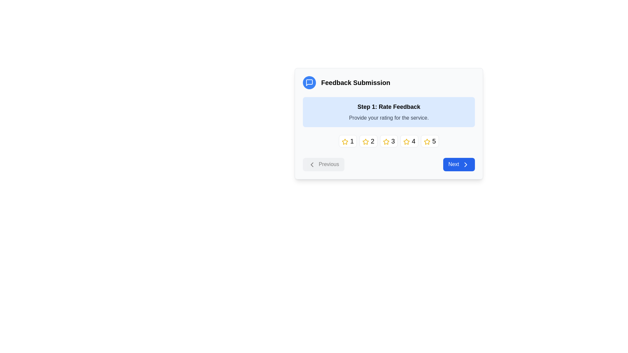  Describe the element at coordinates (312, 164) in the screenshot. I see `the left-facing arrow icon, styled as an outline with rounded edges, located next to the 'Previous' text on the light gray button` at that location.